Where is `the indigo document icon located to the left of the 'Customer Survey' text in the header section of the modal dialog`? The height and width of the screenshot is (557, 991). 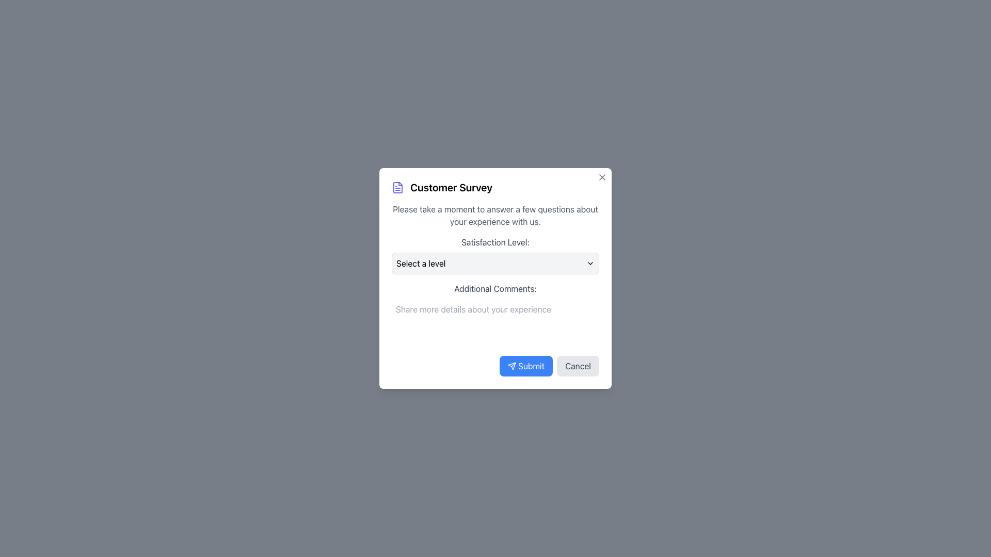
the indigo document icon located to the left of the 'Customer Survey' text in the header section of the modal dialog is located at coordinates (397, 187).